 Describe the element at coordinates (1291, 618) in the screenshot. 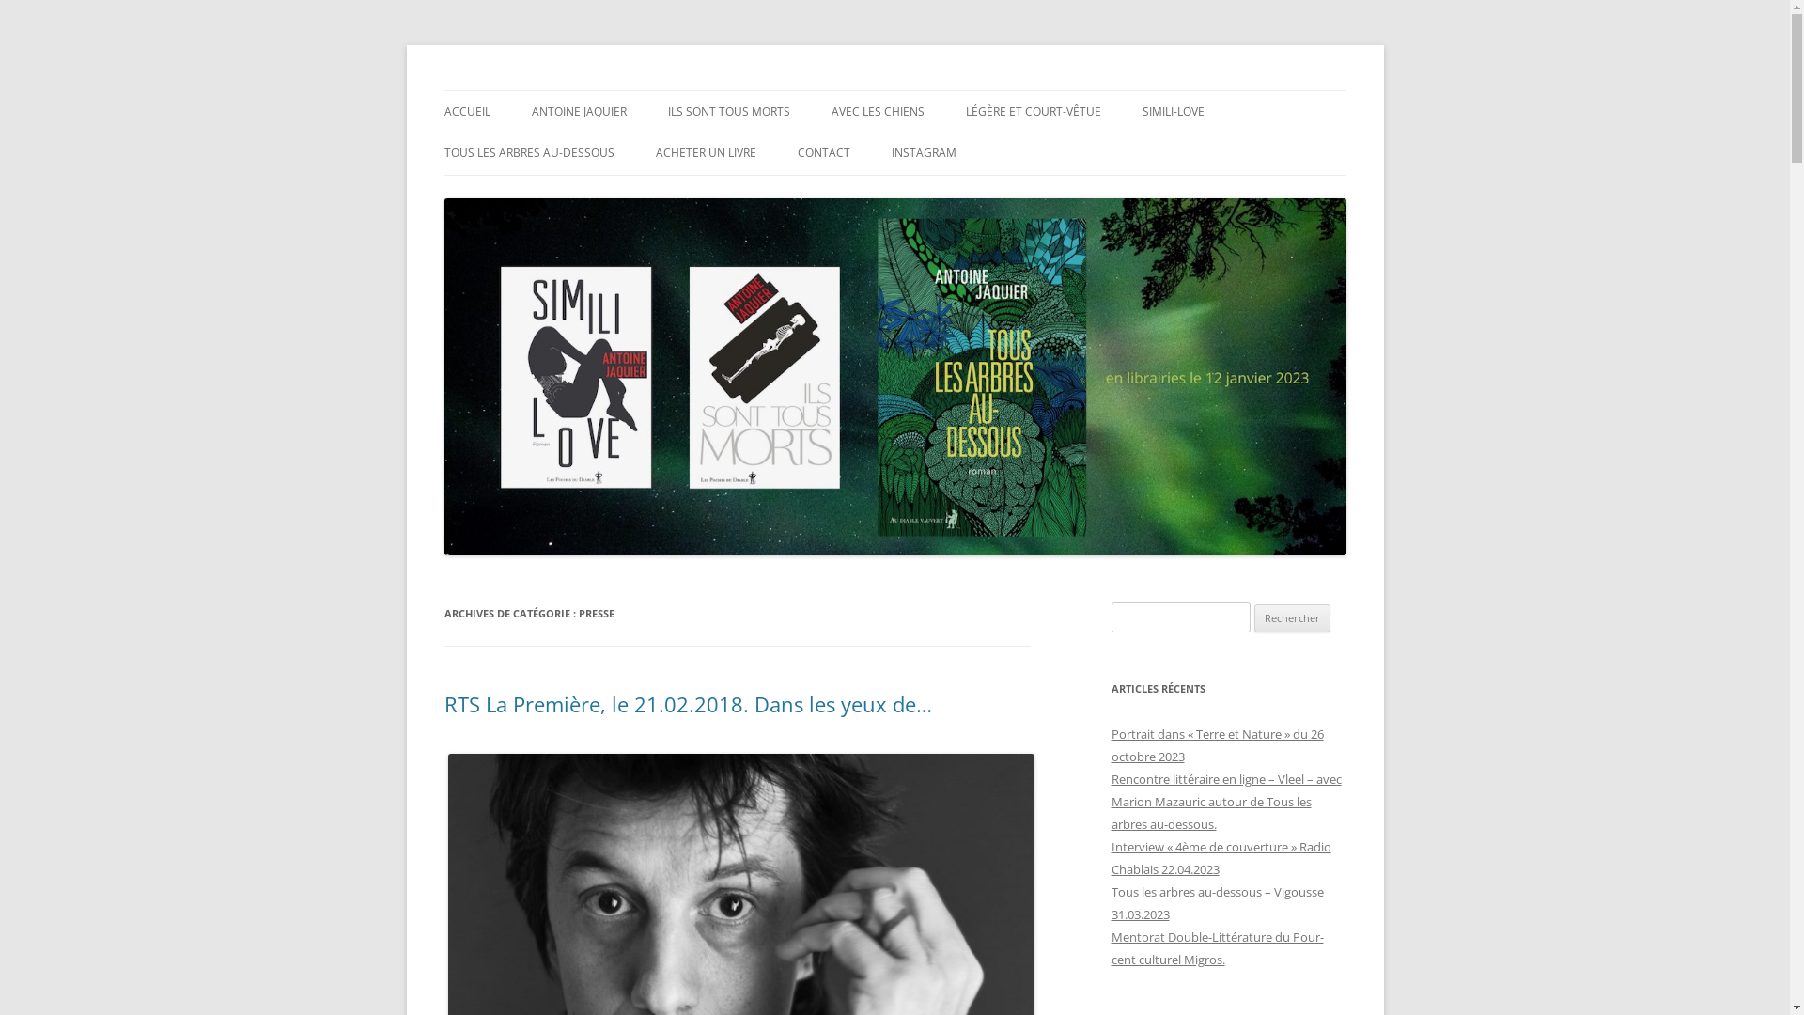

I see `'Rechercher'` at that location.